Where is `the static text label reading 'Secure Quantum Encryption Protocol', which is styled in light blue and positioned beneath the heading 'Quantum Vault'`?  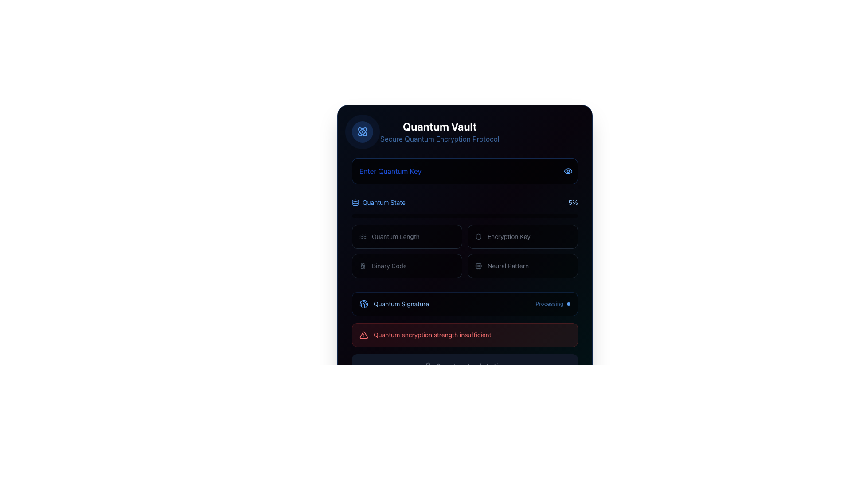
the static text label reading 'Secure Quantum Encryption Protocol', which is styled in light blue and positioned beneath the heading 'Quantum Vault' is located at coordinates (440, 139).